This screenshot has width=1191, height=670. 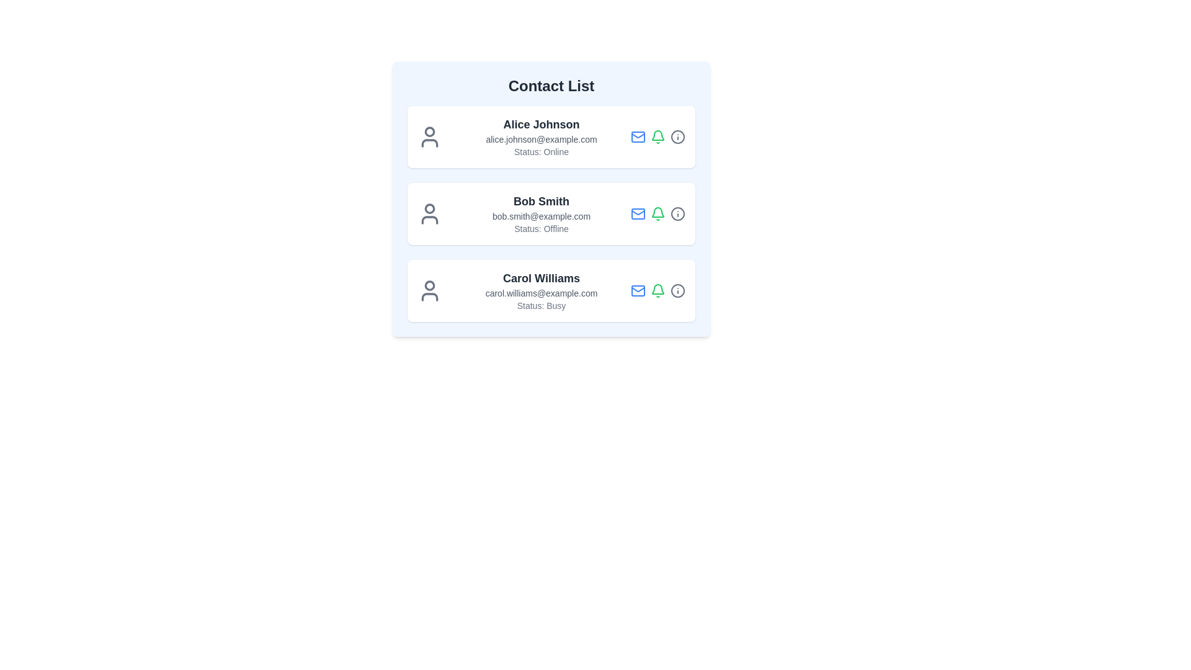 I want to click on info icon for the contact Bob Smith, so click(x=677, y=213).